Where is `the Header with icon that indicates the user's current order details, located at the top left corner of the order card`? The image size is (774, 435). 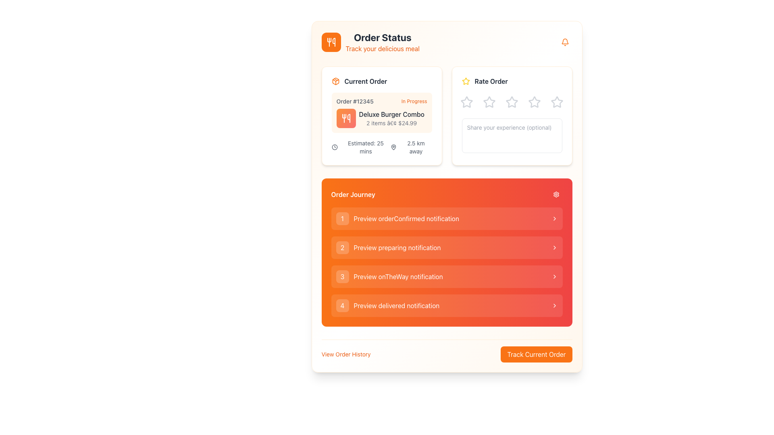
the Header with icon that indicates the user's current order details, located at the top left corner of the order card is located at coordinates (381, 81).